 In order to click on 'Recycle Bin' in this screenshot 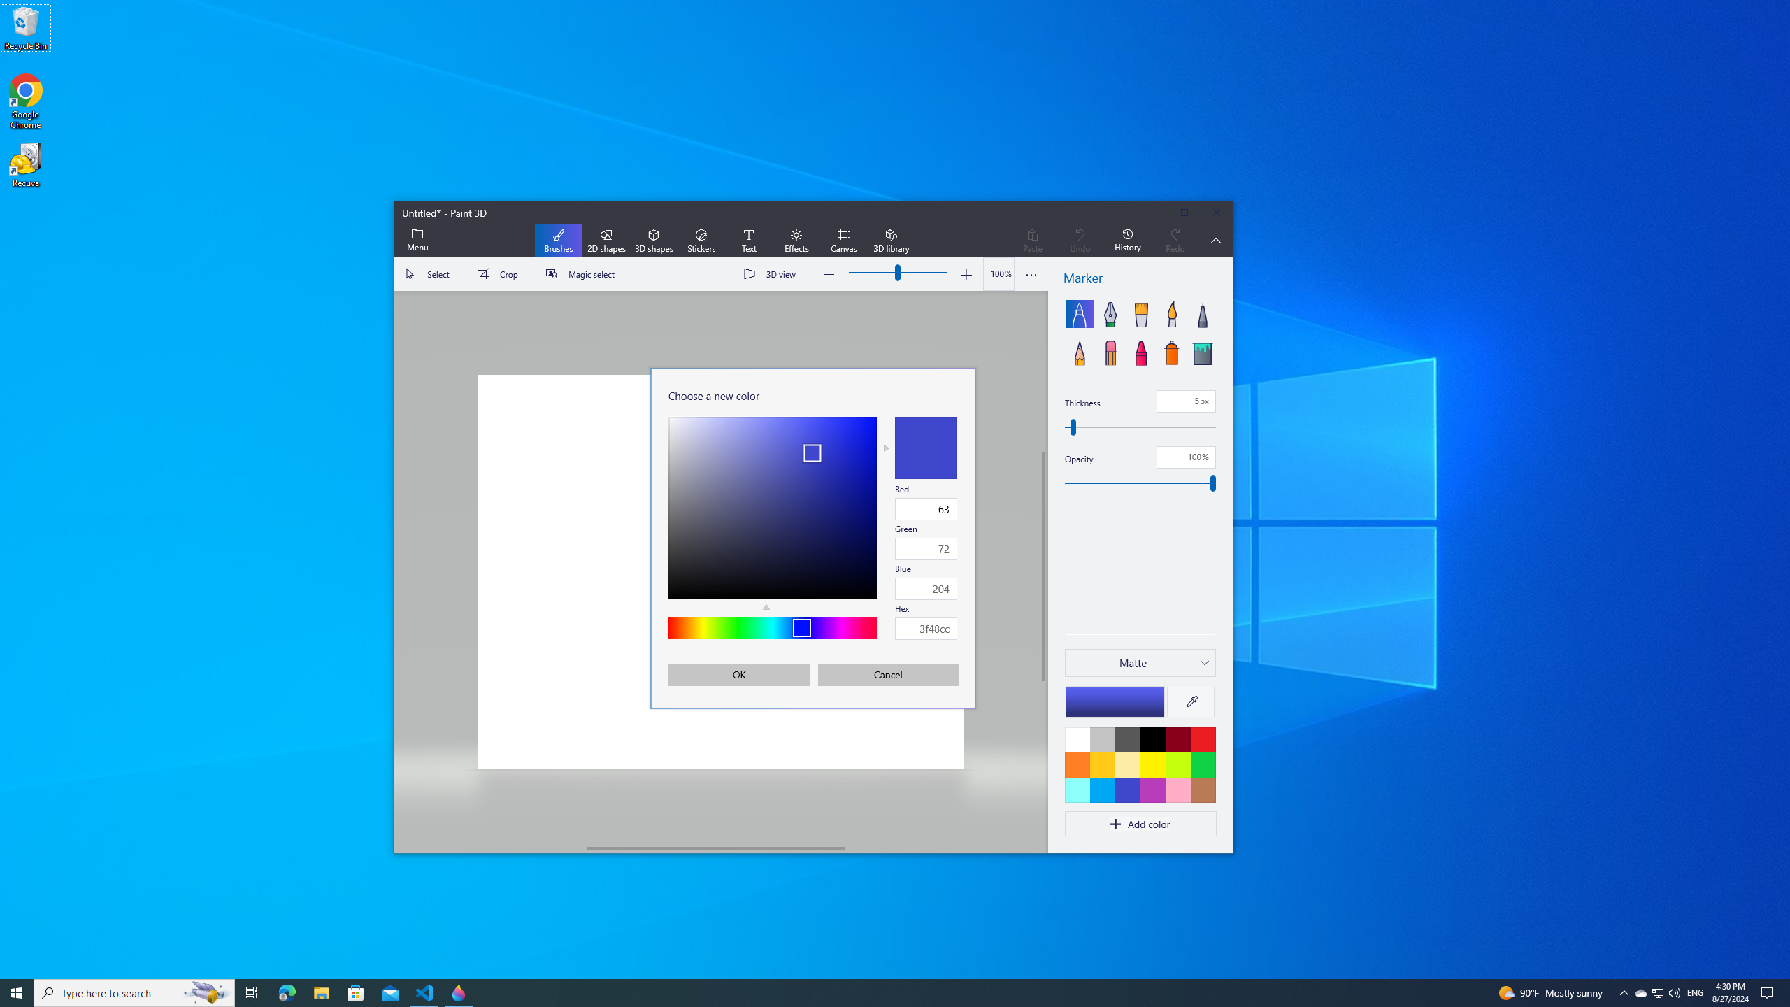, I will do `click(25, 27)`.